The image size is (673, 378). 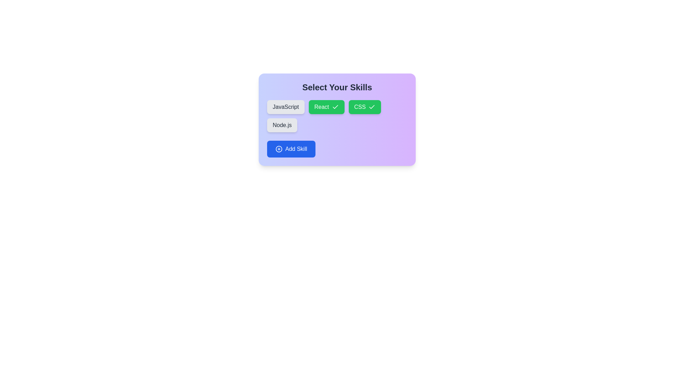 I want to click on the skill JavaScript, so click(x=286, y=107).